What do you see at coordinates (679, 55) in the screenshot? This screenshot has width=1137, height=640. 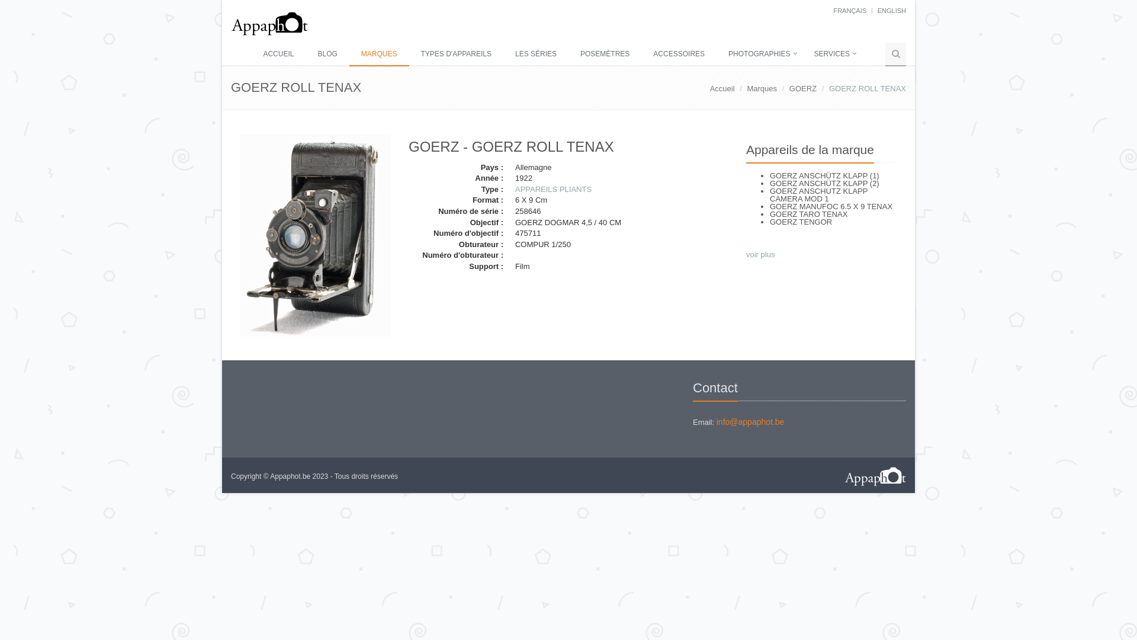 I see `'ACCESSOIRES'` at bounding box center [679, 55].